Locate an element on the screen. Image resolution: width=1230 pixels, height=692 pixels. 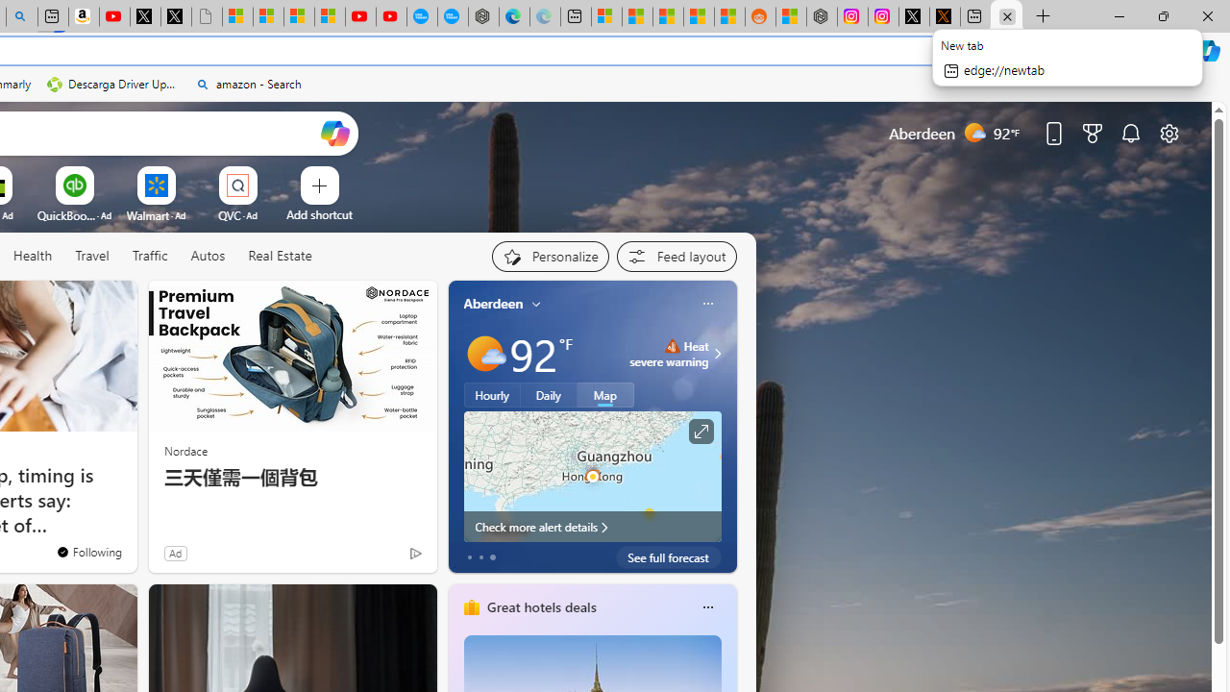
'Hourly' is located at coordinates (492, 394).